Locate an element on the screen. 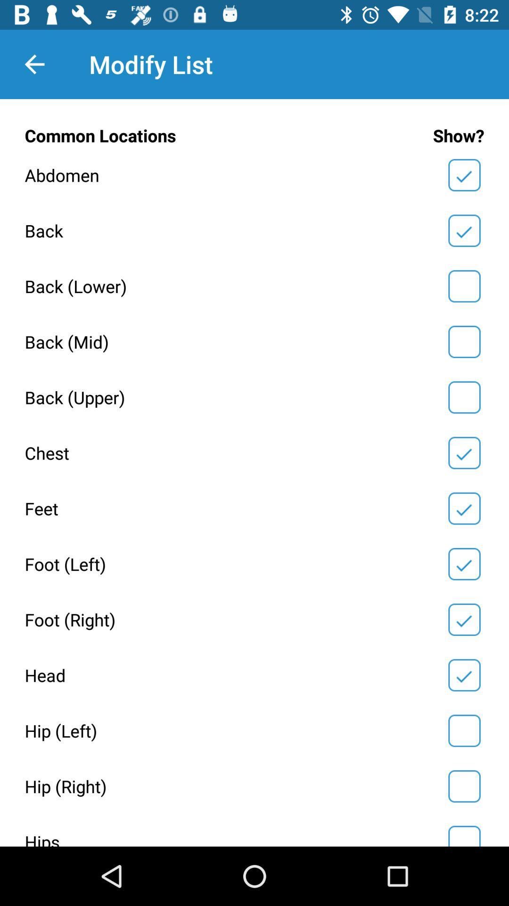  option is located at coordinates (464, 564).